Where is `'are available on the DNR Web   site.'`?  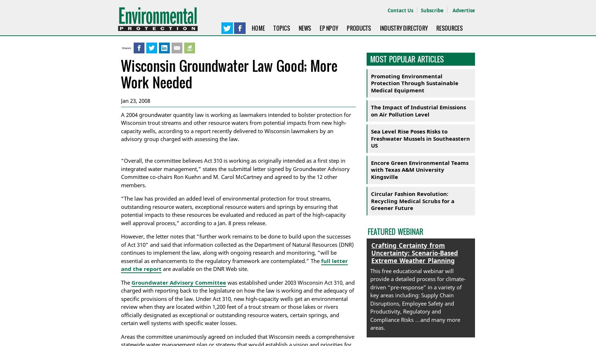
'are available on the DNR Web   site.' is located at coordinates (161, 268).